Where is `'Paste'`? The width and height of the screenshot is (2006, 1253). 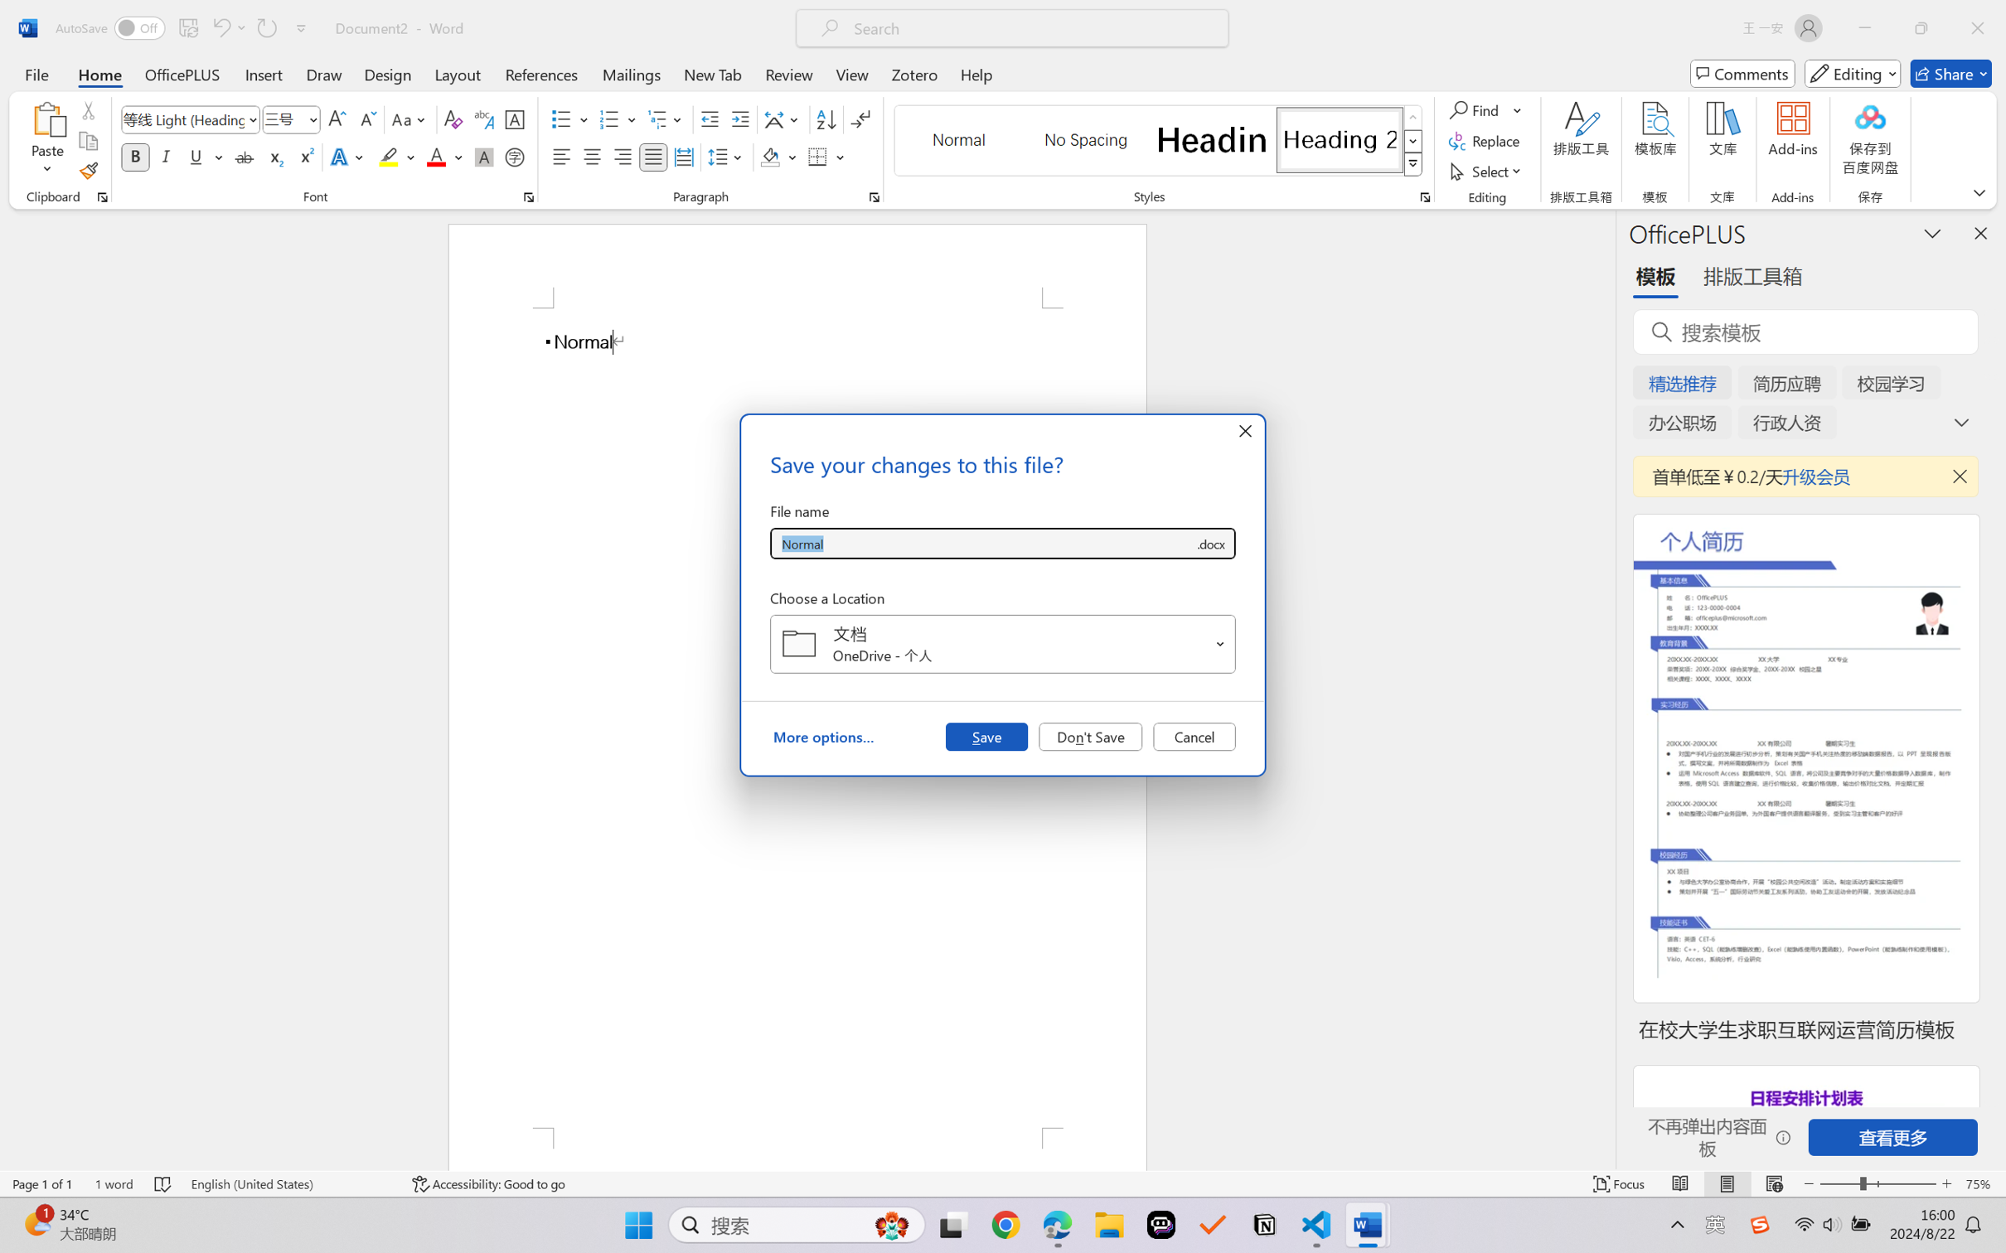
'Paste' is located at coordinates (47, 119).